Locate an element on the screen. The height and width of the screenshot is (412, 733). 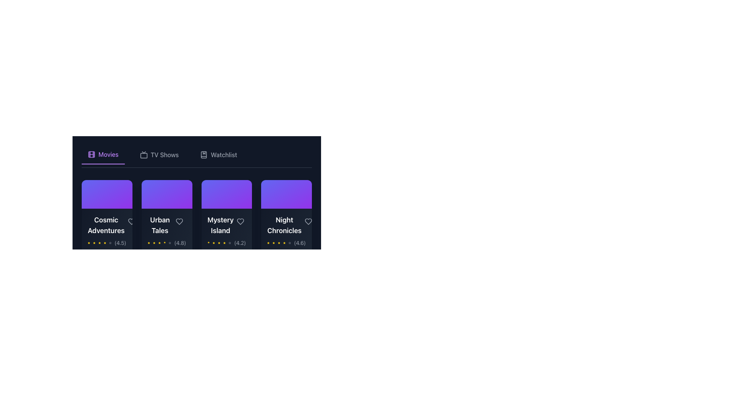
the fifth star icon in the rating system for 'Urban Tales' to interact with the rating system is located at coordinates (170, 243).